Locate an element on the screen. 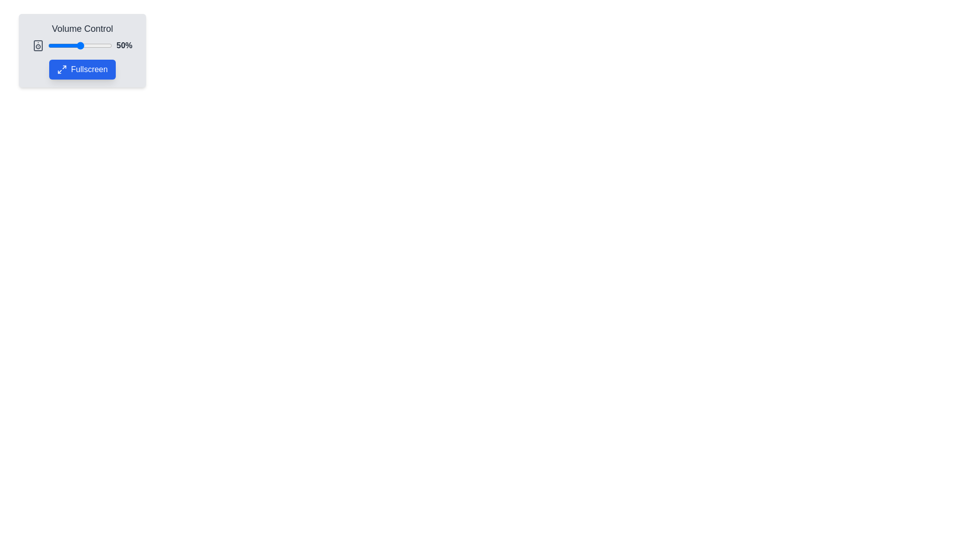 The height and width of the screenshot is (537, 954). the volume to 85% by dragging the slider is located at coordinates (103, 46).